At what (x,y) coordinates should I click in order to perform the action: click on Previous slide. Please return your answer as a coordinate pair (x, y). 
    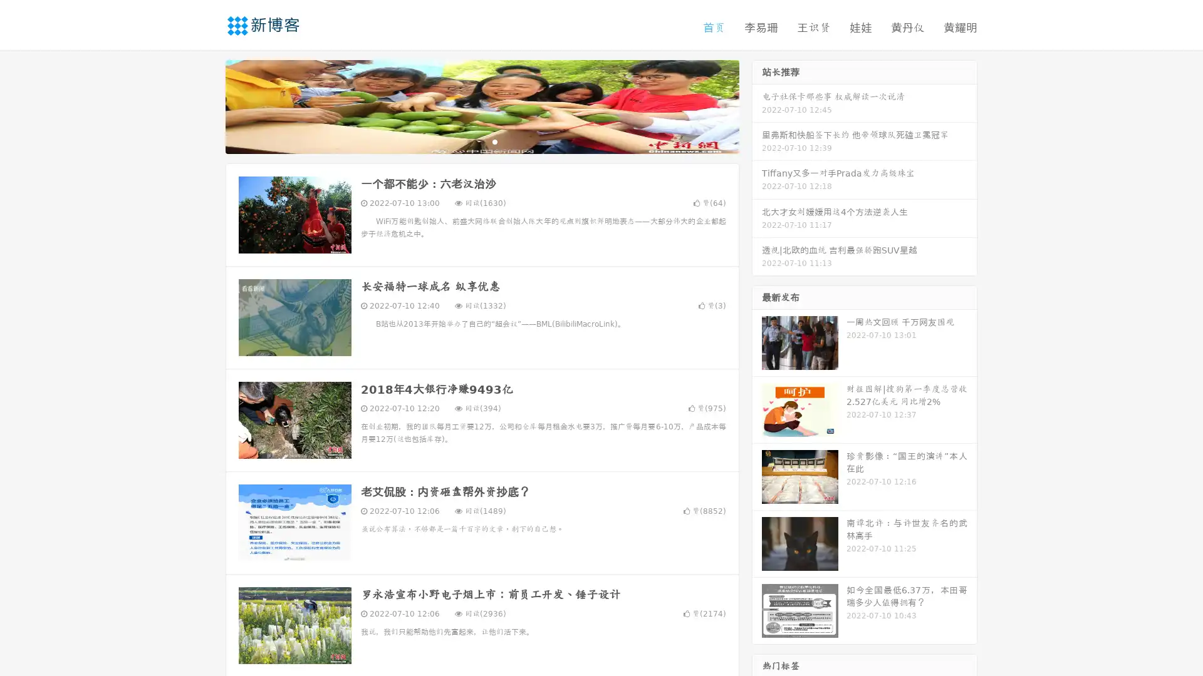
    Looking at the image, I should click on (207, 105).